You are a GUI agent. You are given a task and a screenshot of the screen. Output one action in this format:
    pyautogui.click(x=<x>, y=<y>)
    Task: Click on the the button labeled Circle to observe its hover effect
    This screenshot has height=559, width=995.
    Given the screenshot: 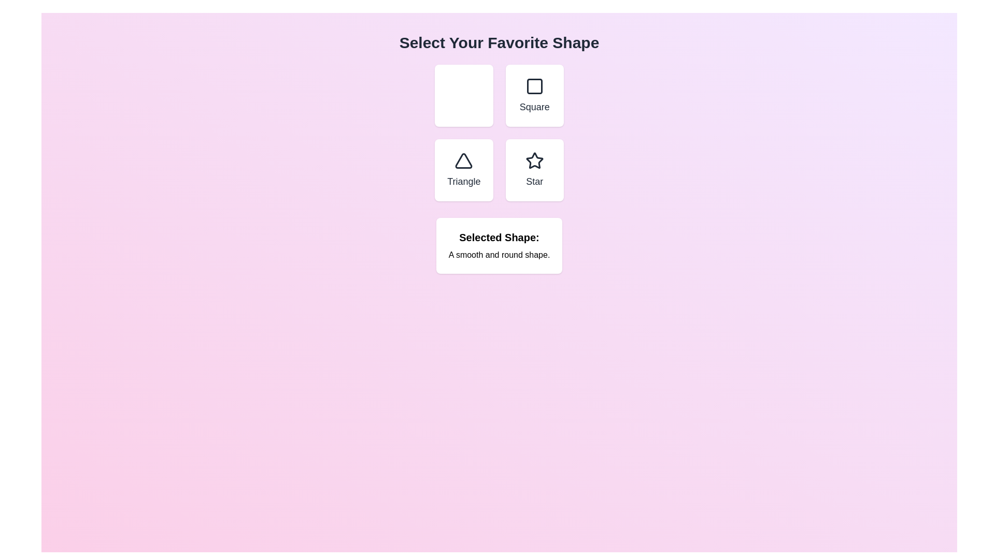 What is the action you would take?
    pyautogui.click(x=463, y=96)
    